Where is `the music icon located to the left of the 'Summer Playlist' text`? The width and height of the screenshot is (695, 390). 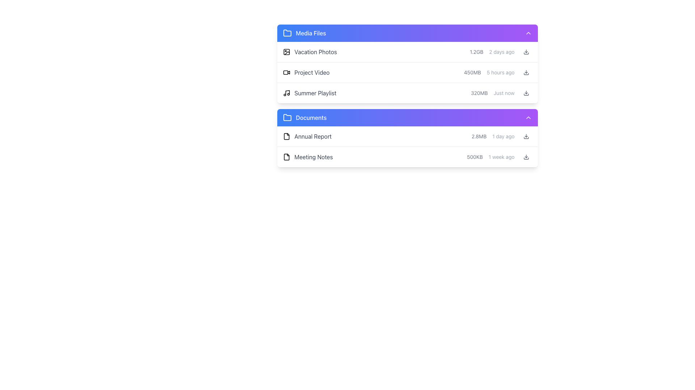 the music icon located to the left of the 'Summer Playlist' text is located at coordinates (286, 93).